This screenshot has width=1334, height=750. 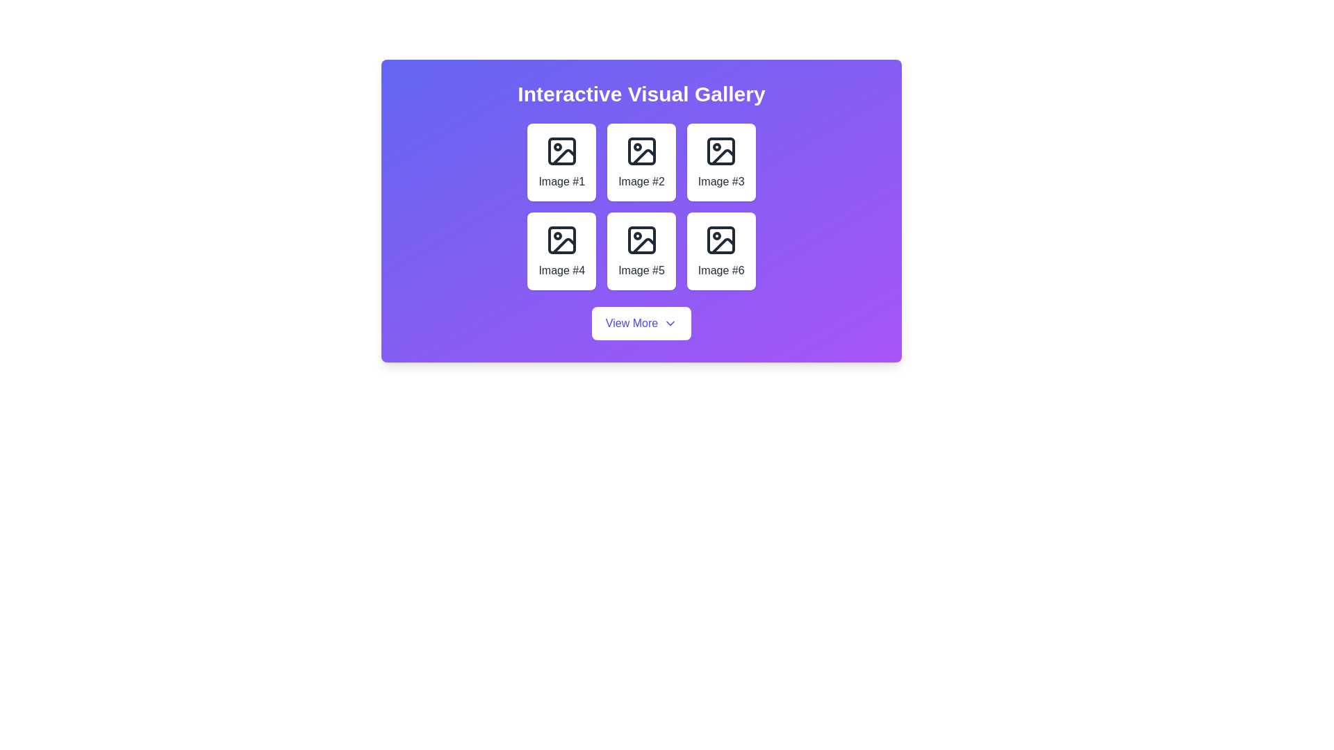 I want to click on the decorative SVG image icon located within the 'Image #6' card in the bottom-right corner of the grid, so click(x=721, y=240).